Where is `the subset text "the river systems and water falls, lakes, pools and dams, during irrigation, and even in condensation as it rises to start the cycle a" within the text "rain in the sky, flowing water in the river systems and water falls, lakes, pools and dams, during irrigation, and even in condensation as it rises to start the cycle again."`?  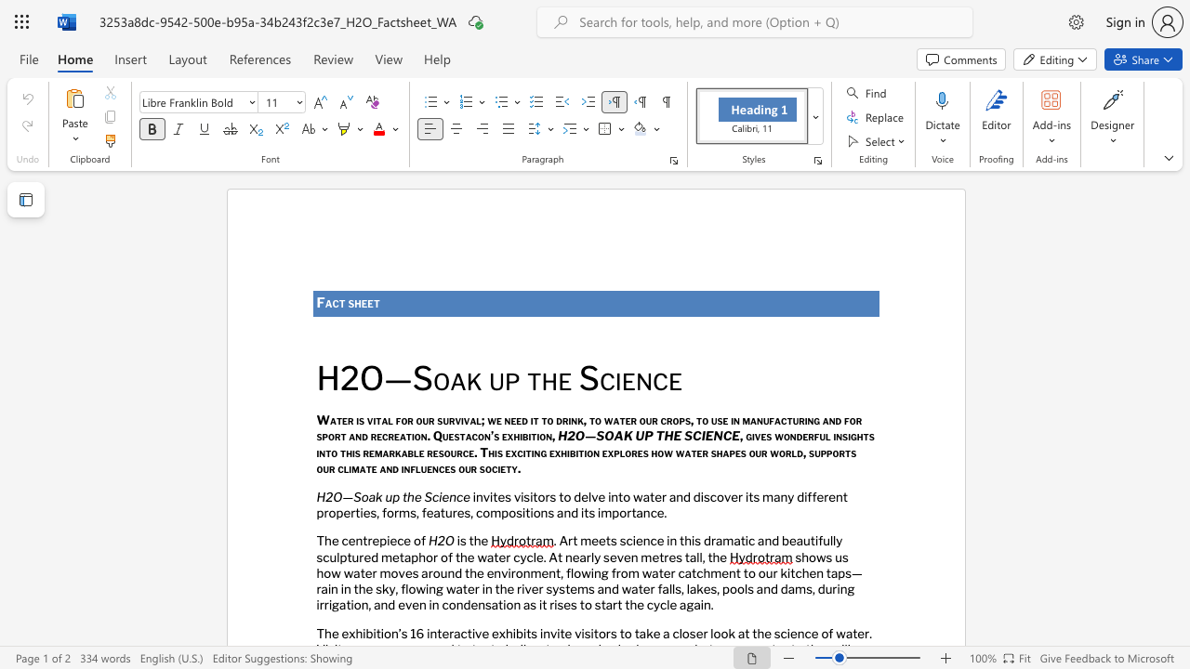 the subset text "the river systems and water falls, lakes, pools and dams, during irrigation, and even in condensation as it rises to start the cycle a" within the text "rain in the sky, flowing water in the river systems and water falls, lakes, pools and dams, during irrigation, and even in condensation as it rises to start the cycle again." is located at coordinates (495, 589).